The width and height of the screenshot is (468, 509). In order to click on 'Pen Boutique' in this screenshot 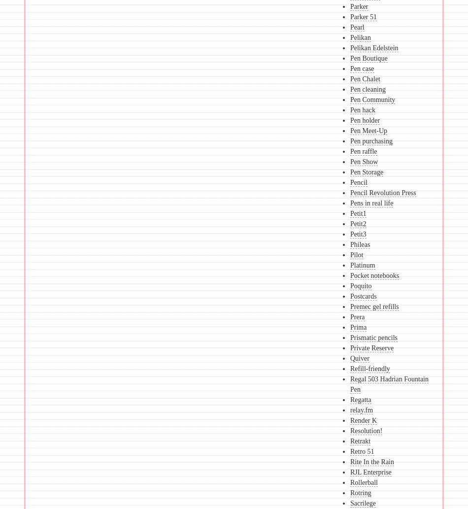, I will do `click(368, 58)`.